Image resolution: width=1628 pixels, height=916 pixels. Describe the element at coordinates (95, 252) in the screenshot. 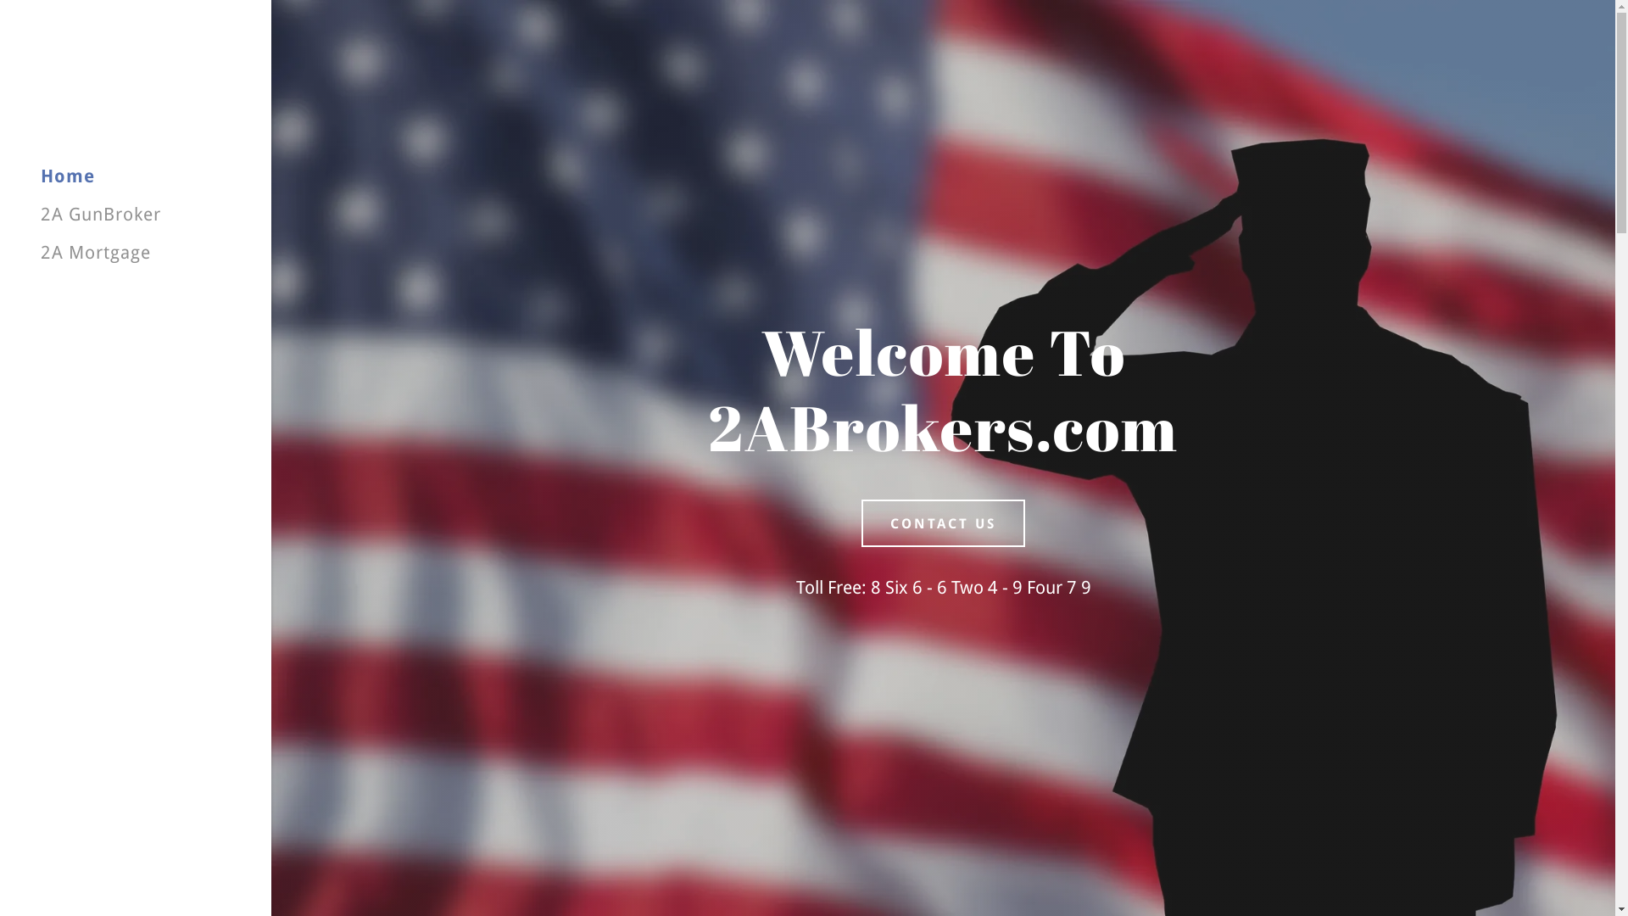

I see `'2A Mortgage'` at that location.